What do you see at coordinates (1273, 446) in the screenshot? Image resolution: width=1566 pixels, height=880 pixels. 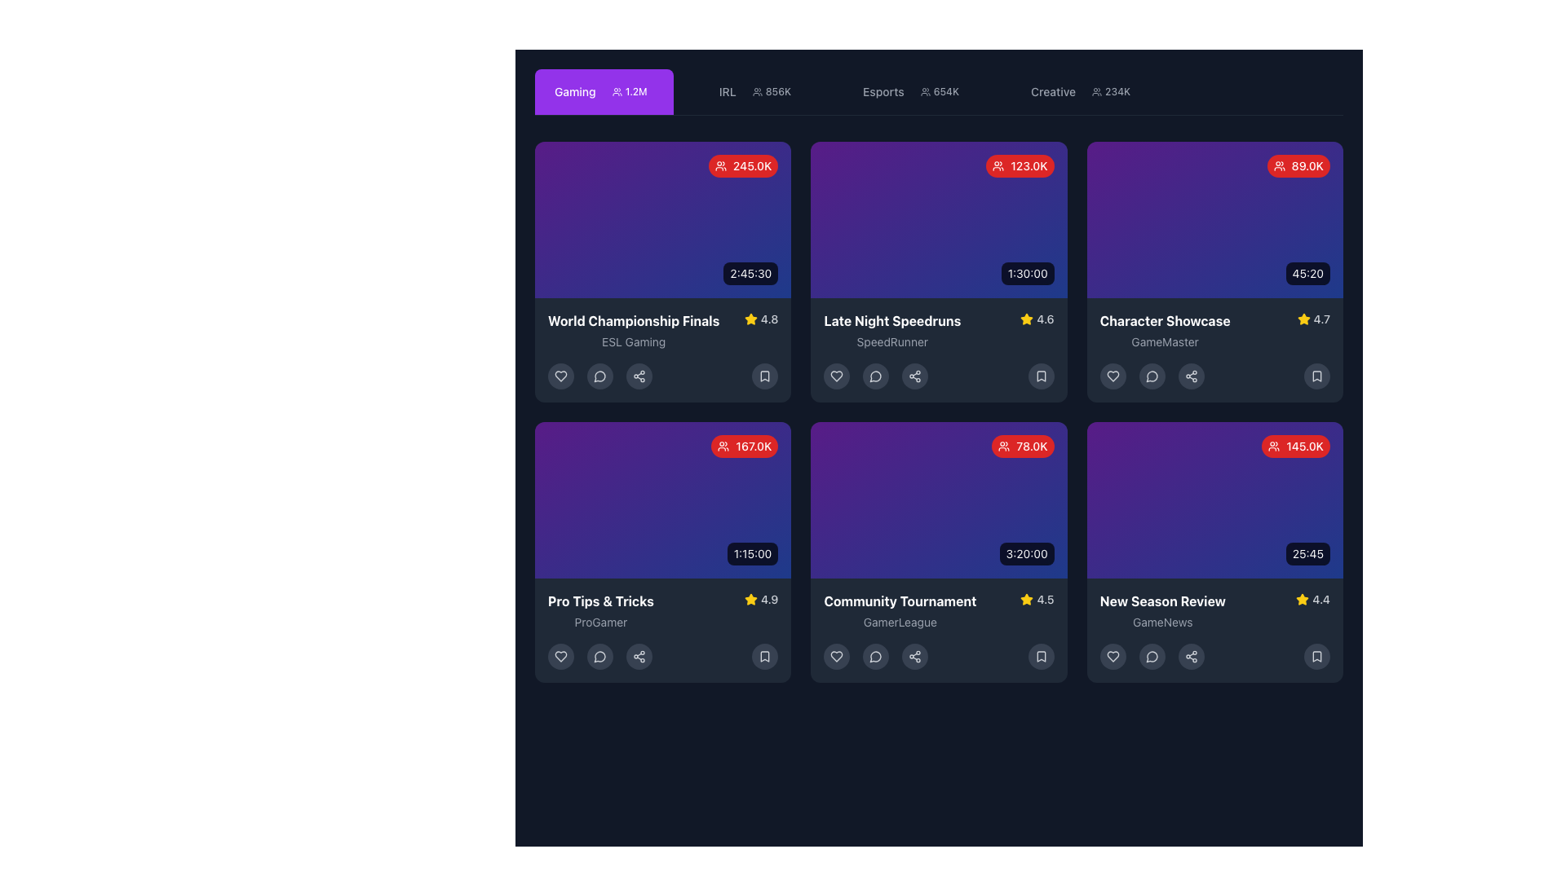 I see `the SVG icon of people located inside a red badge with the text '145.0K' at the top-right corner of the card labeled 'New Season Review'` at bounding box center [1273, 446].